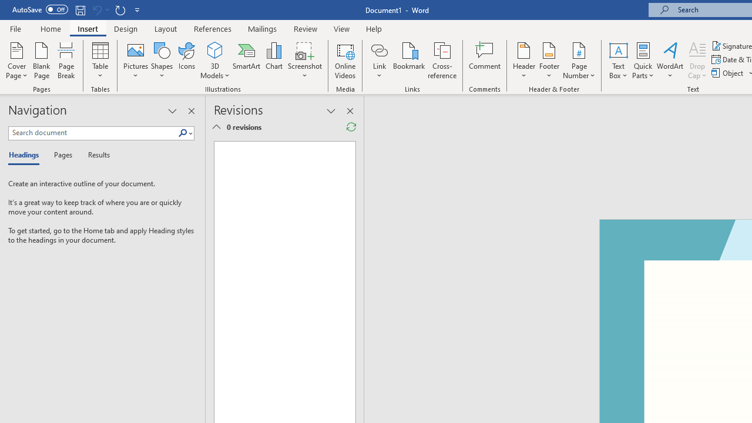 The height and width of the screenshot is (423, 752). I want to click on 'Blank Page', so click(42, 61).